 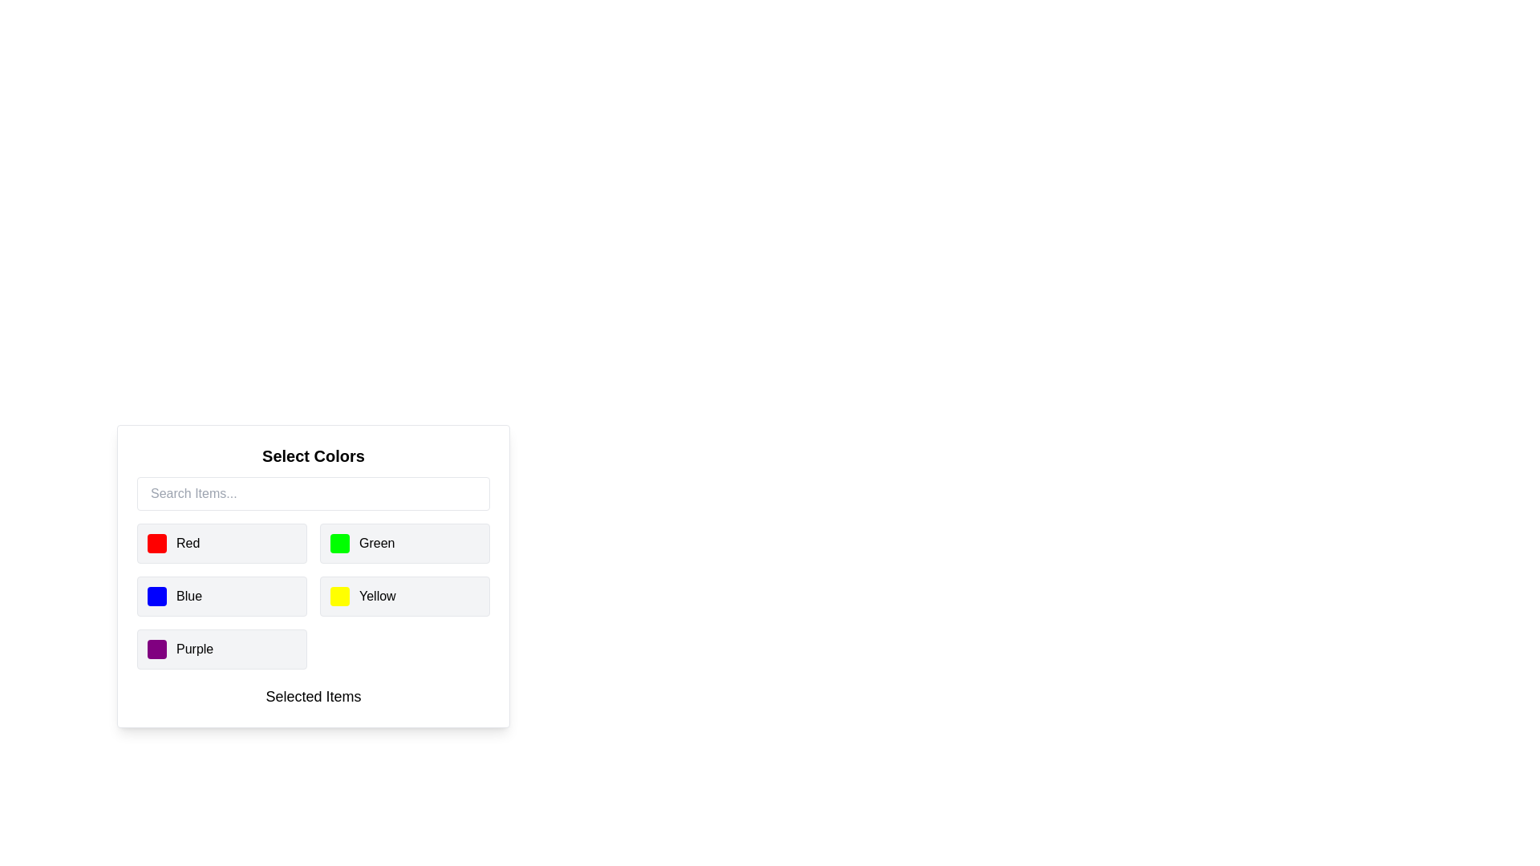 I want to click on the blue color swatch located in the 'Select Colors' box, positioned to the left of the 'Blue' label, so click(x=157, y=597).